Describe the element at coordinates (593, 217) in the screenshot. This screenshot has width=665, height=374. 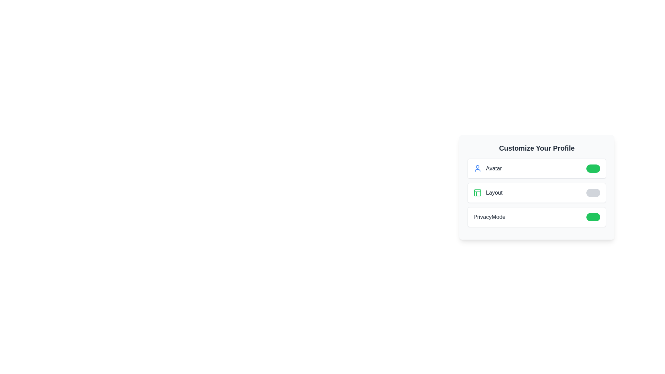
I see `the PrivacyMode toggle to change its state` at that location.